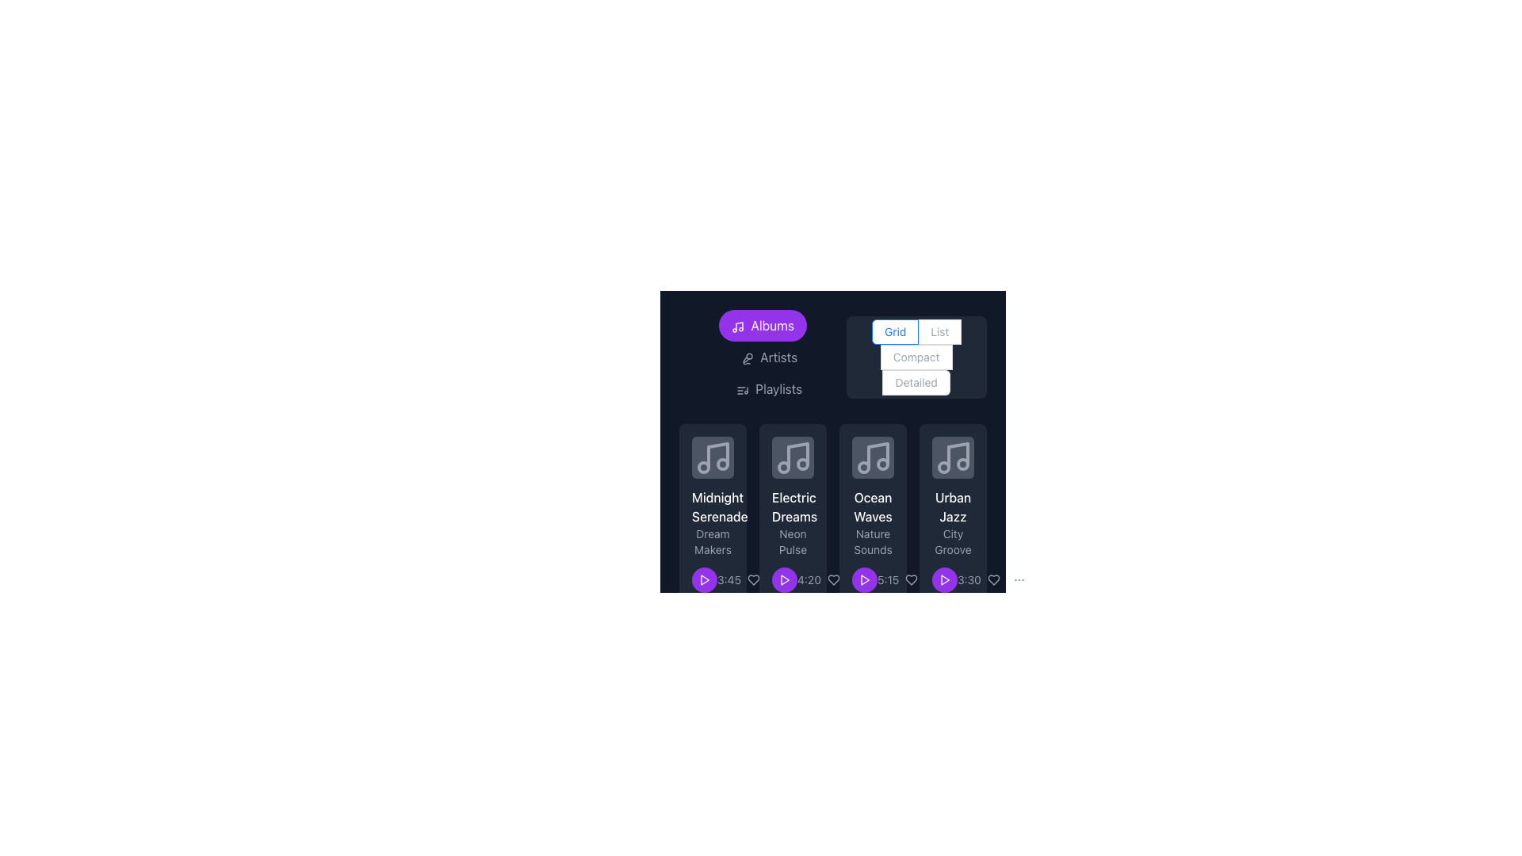 The image size is (1522, 856). Describe the element at coordinates (957, 455) in the screenshot. I see `the vertical line of the musical note icon within the 'Urban Jazz' card, which is the rightmost card in the row` at that location.